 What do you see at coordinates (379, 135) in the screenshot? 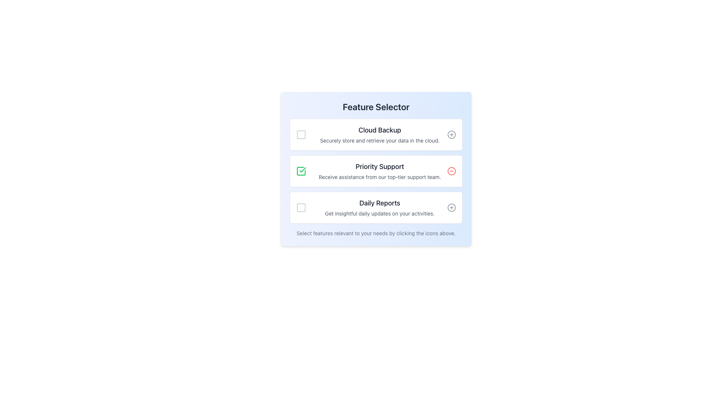
I see `the 'Cloud Backup' text element, which consists of a bold title and a subtitle, located centrally in the first section of a vertical list of selectable items` at bounding box center [379, 135].